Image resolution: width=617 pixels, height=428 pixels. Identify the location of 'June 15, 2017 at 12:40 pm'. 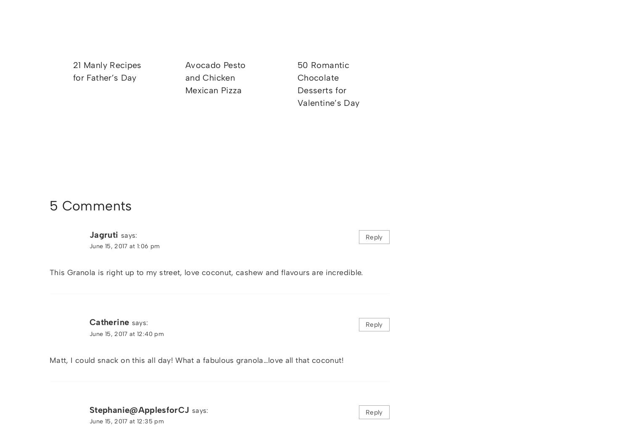
(126, 333).